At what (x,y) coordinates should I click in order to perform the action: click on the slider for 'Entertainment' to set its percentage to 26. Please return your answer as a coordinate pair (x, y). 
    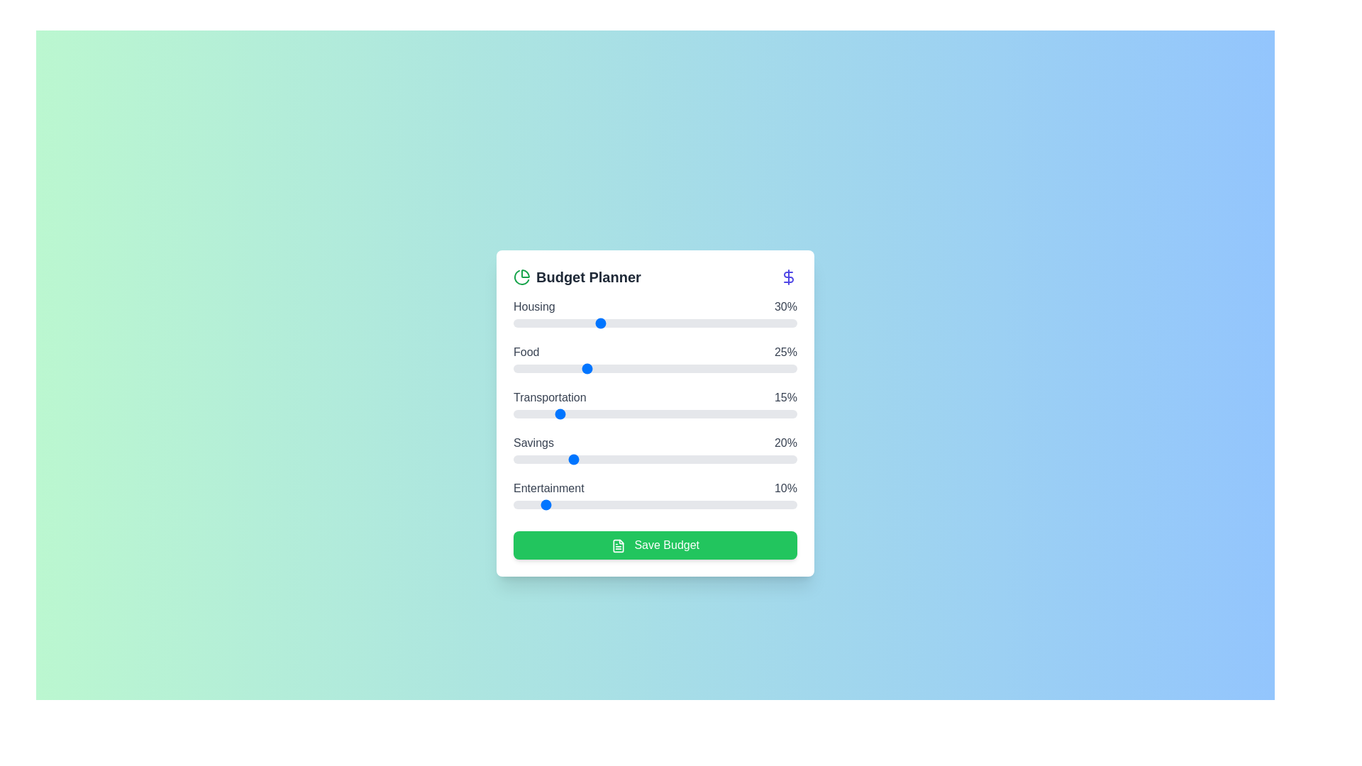
    Looking at the image, I should click on (587, 504).